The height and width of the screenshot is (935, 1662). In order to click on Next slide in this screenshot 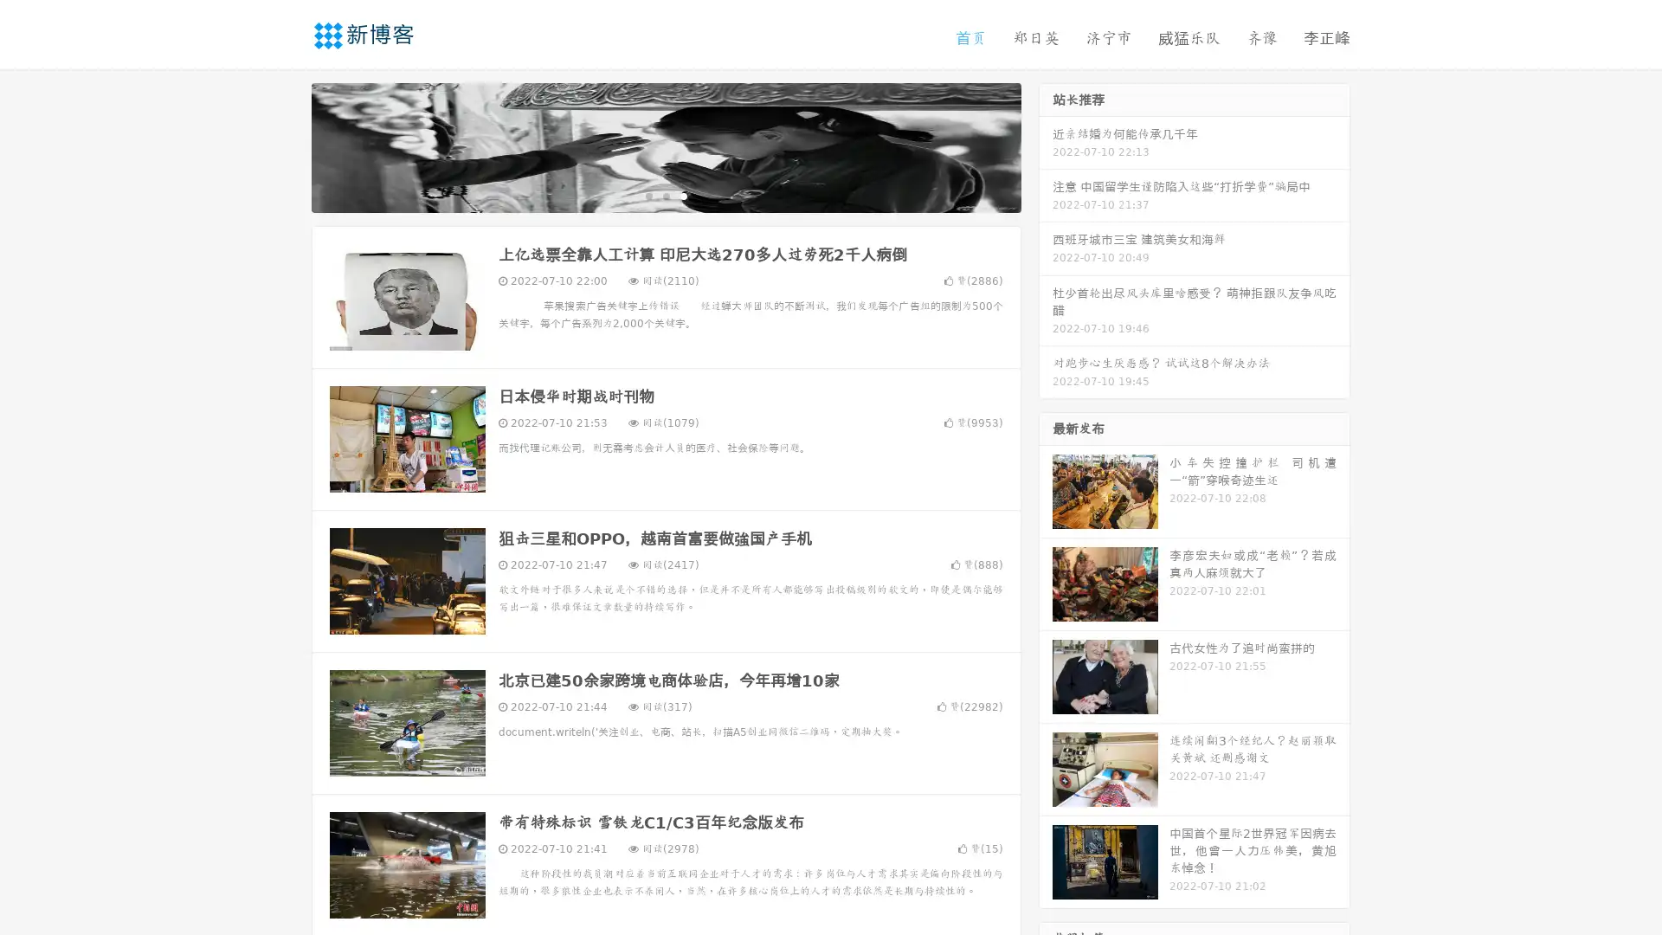, I will do `click(1046, 145)`.